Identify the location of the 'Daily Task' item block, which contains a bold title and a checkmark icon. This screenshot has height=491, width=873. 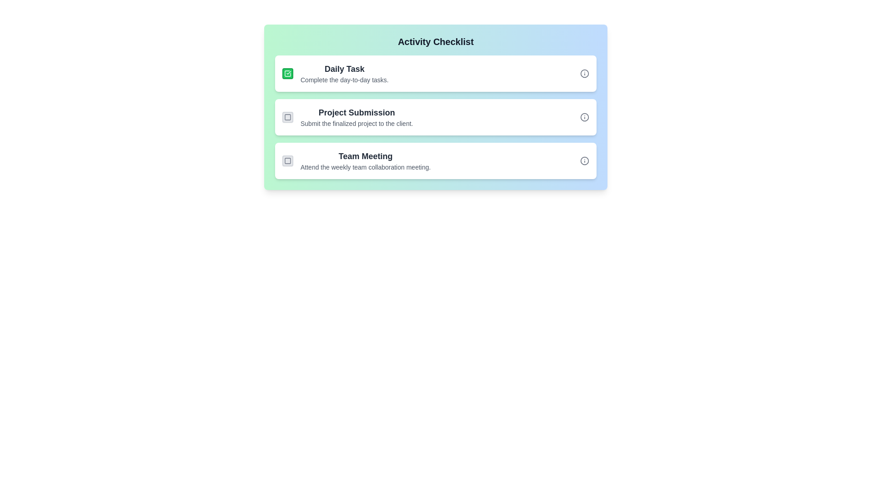
(335, 73).